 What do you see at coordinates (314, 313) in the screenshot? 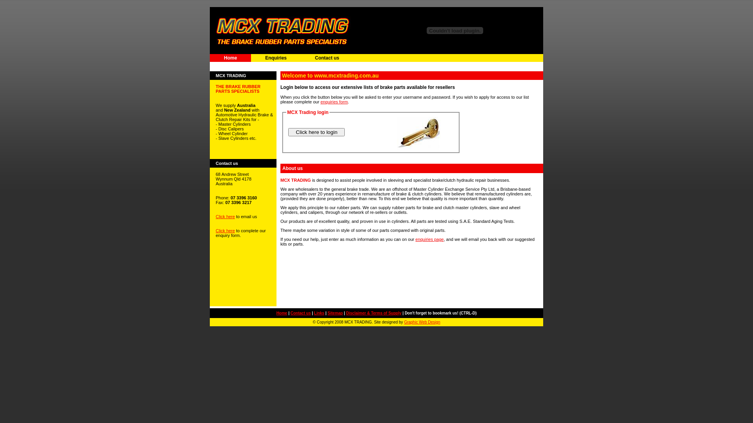
I see `'Links'` at bounding box center [314, 313].